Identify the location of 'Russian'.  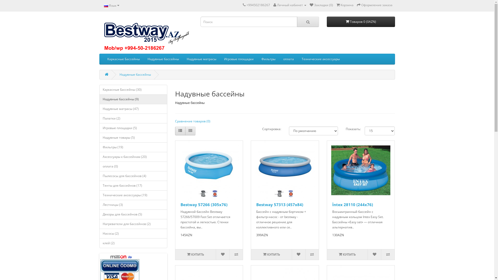
(103, 6).